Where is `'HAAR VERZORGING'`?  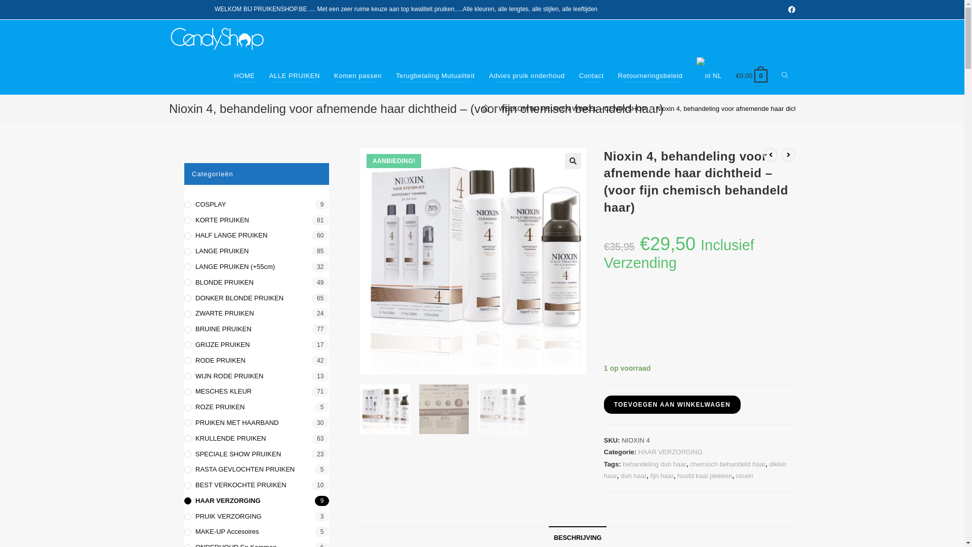
'HAAR VERZORGING' is located at coordinates (257, 500).